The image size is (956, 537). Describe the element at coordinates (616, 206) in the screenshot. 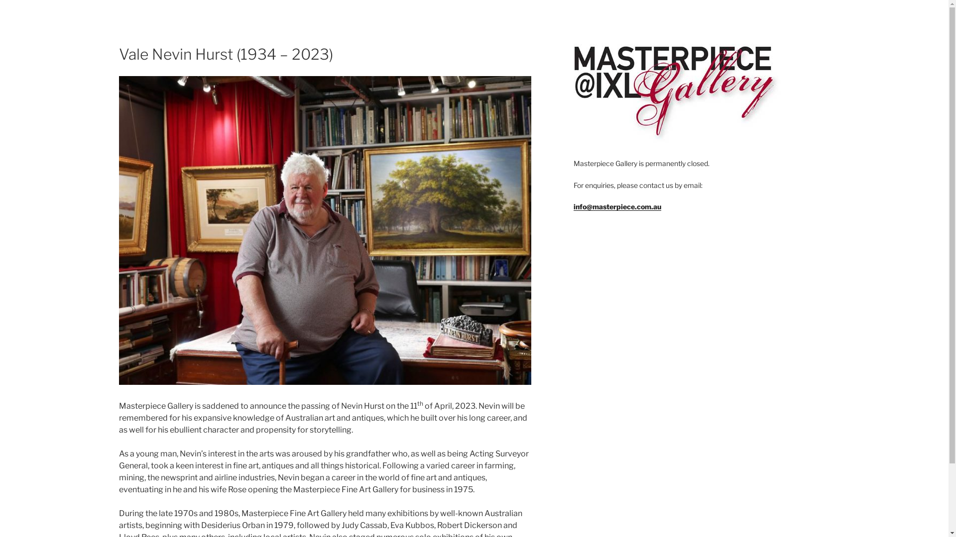

I see `'info@masterpiece.com.au'` at that location.